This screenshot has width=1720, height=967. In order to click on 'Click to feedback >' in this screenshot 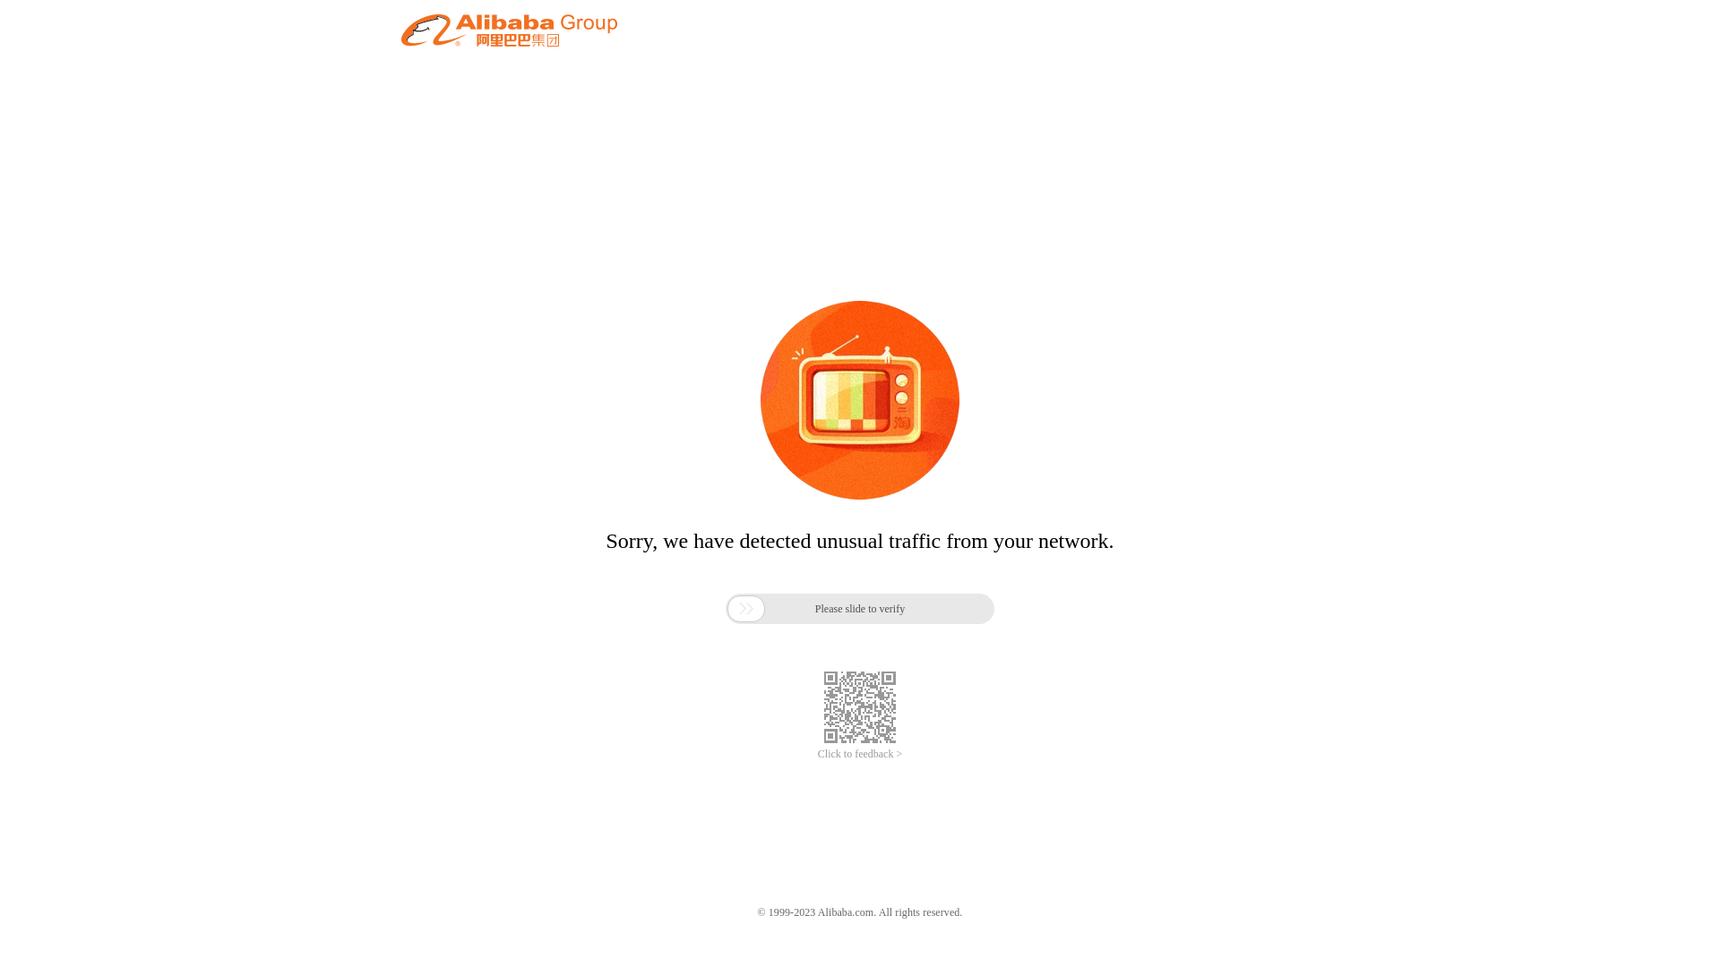, I will do `click(816, 754)`.